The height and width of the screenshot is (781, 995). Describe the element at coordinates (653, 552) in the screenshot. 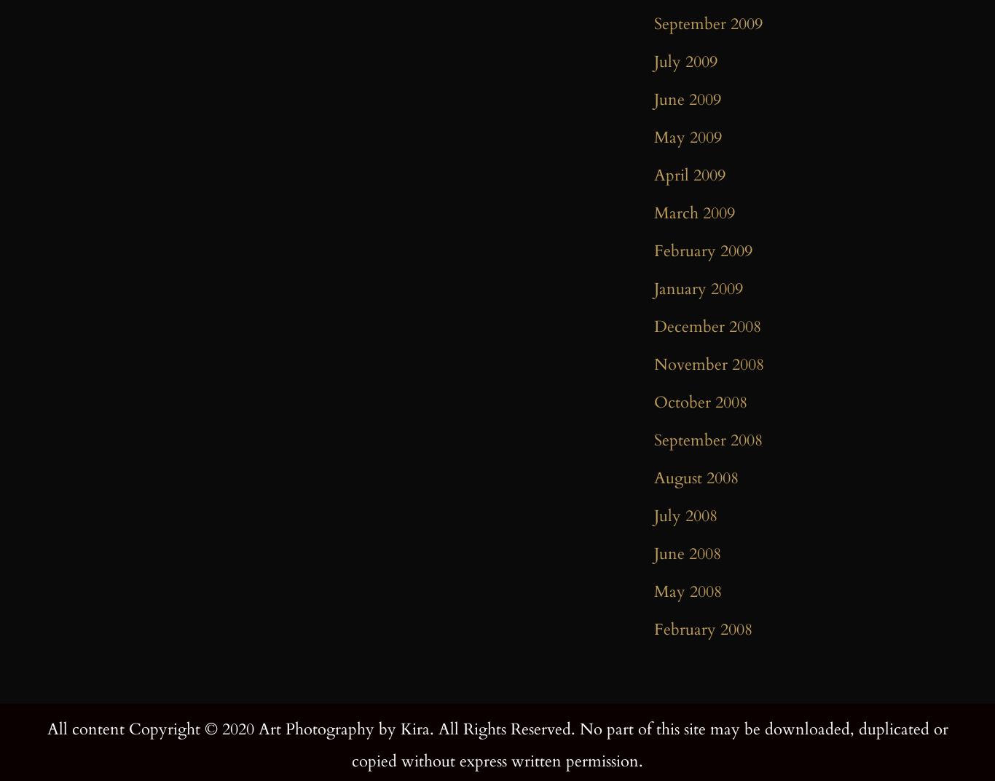

I see `'June 2008'` at that location.